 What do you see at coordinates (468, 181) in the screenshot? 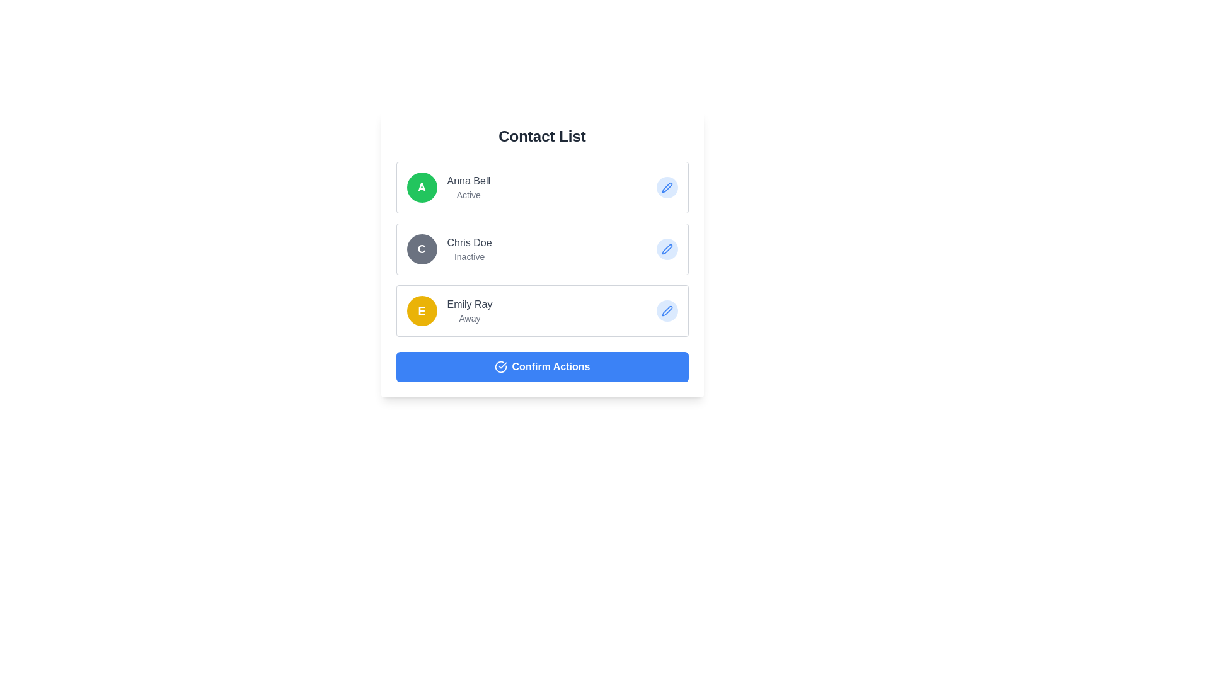
I see `the text label displaying 'Anna Bell', which is located to the right of the green circular avatar labeled 'A' in the contact detail section` at bounding box center [468, 181].